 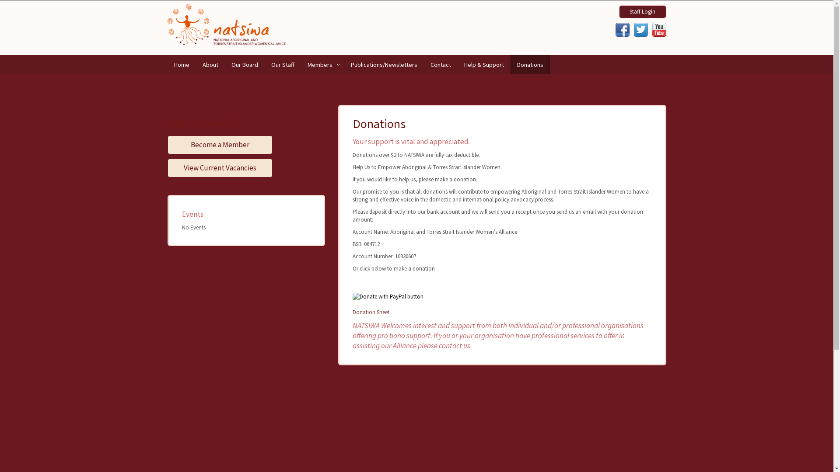 I want to click on 'Members', so click(x=322, y=64).